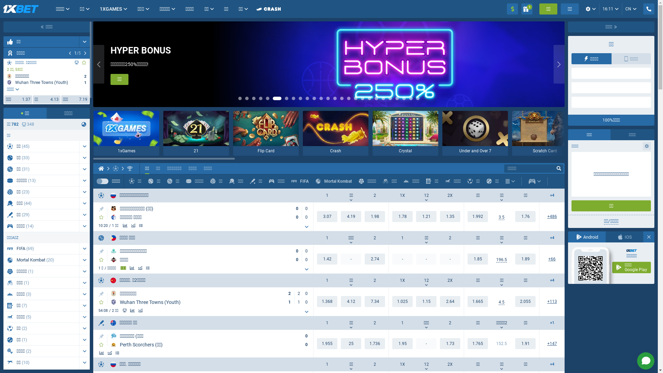  What do you see at coordinates (545, 133) in the screenshot?
I see `'Scratch Card'` at bounding box center [545, 133].